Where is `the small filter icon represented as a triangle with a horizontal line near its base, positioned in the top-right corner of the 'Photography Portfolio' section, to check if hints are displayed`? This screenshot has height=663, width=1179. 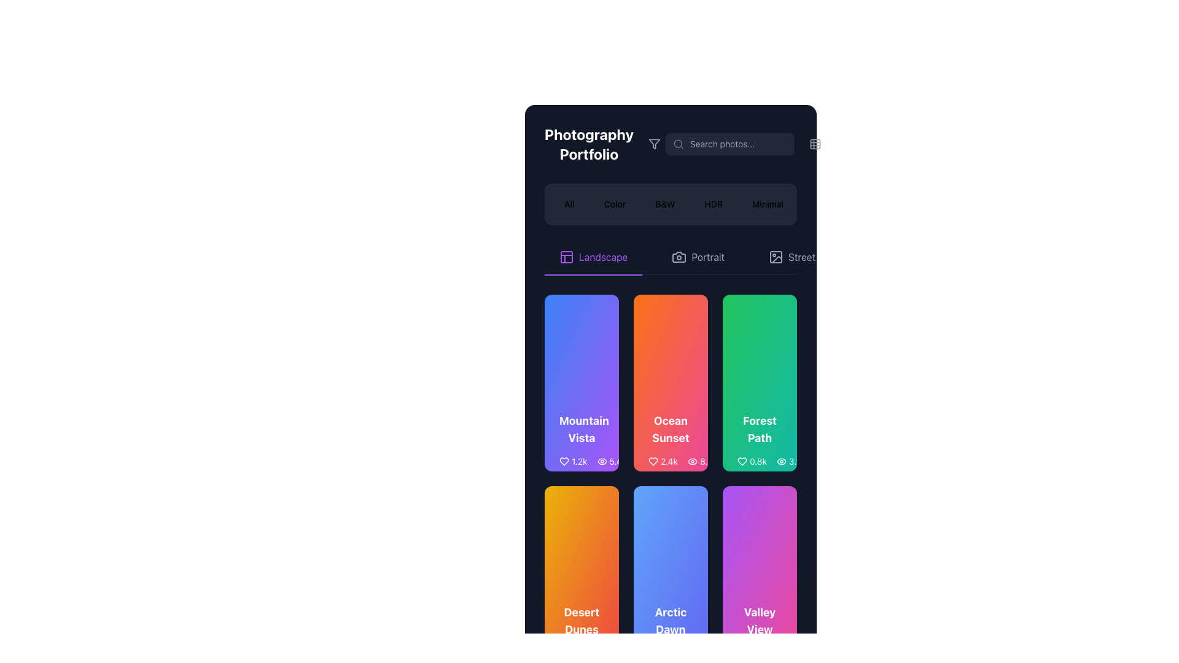 the small filter icon represented as a triangle with a horizontal line near its base, positioned in the top-right corner of the 'Photography Portfolio' section, to check if hints are displayed is located at coordinates (653, 144).